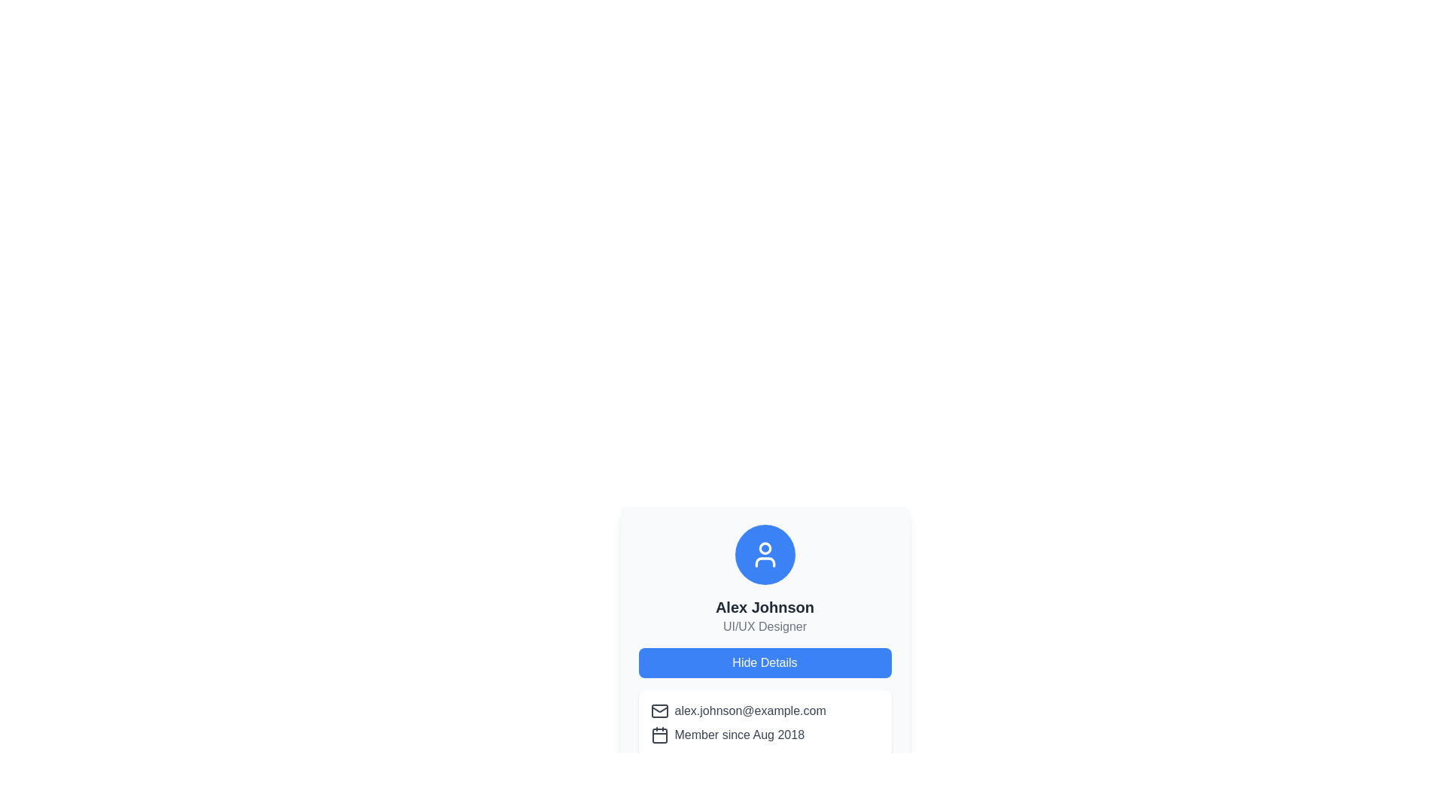  What do you see at coordinates (765, 735) in the screenshot?
I see `the Static Text with Icon that indicates the user's membership start date, located at the bottom of the profile information card beneath the email address` at bounding box center [765, 735].